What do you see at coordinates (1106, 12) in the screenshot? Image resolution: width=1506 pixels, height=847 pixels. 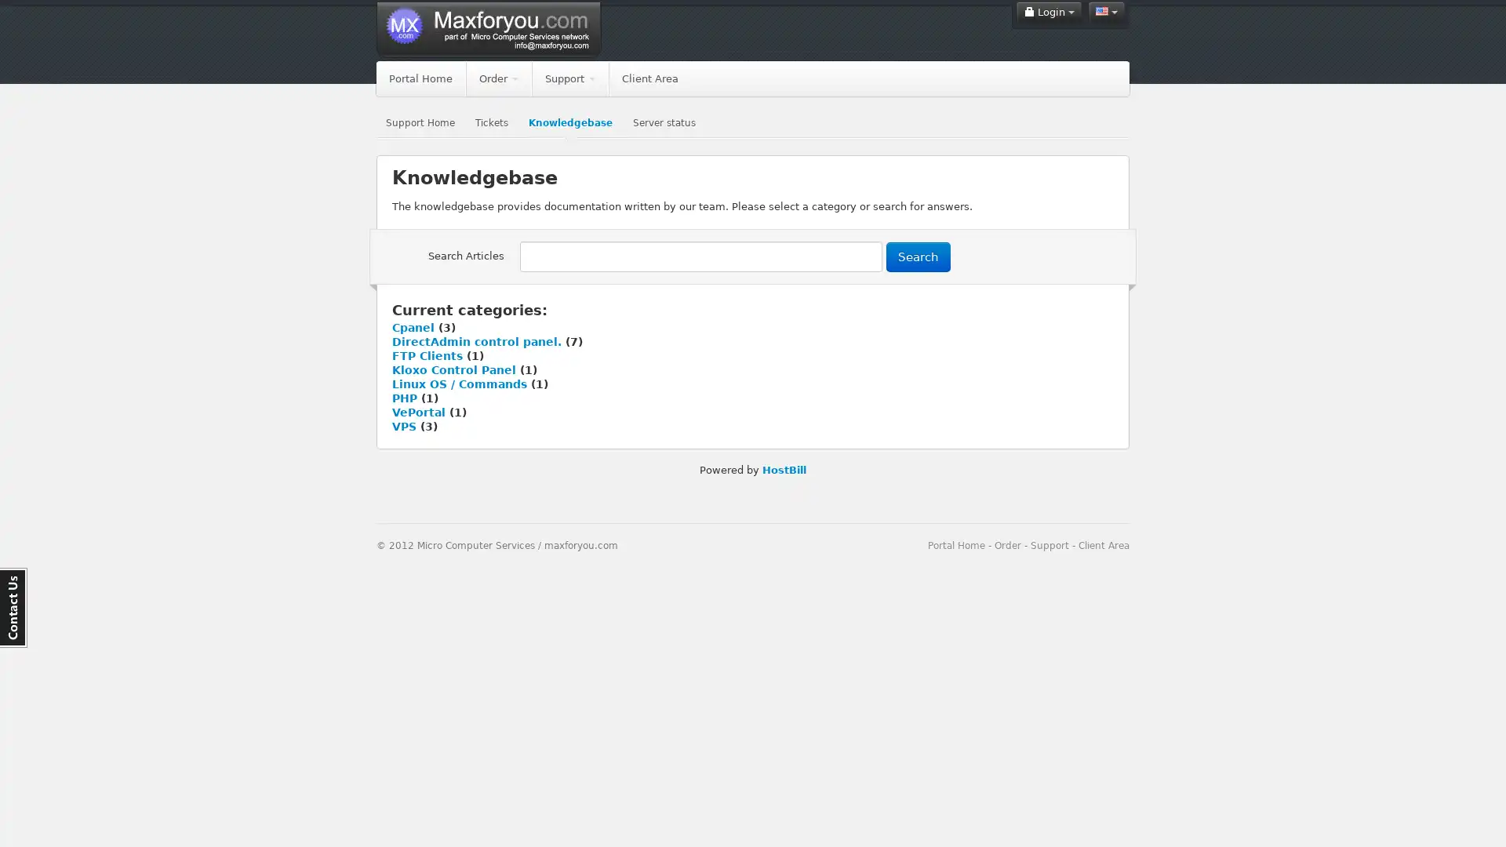 I see `English` at bounding box center [1106, 12].